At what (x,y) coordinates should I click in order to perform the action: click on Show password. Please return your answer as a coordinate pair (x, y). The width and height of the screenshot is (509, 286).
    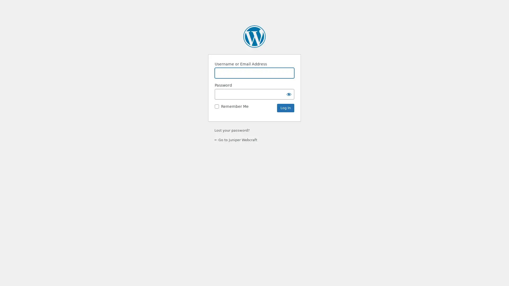
    Looking at the image, I should click on (288, 94).